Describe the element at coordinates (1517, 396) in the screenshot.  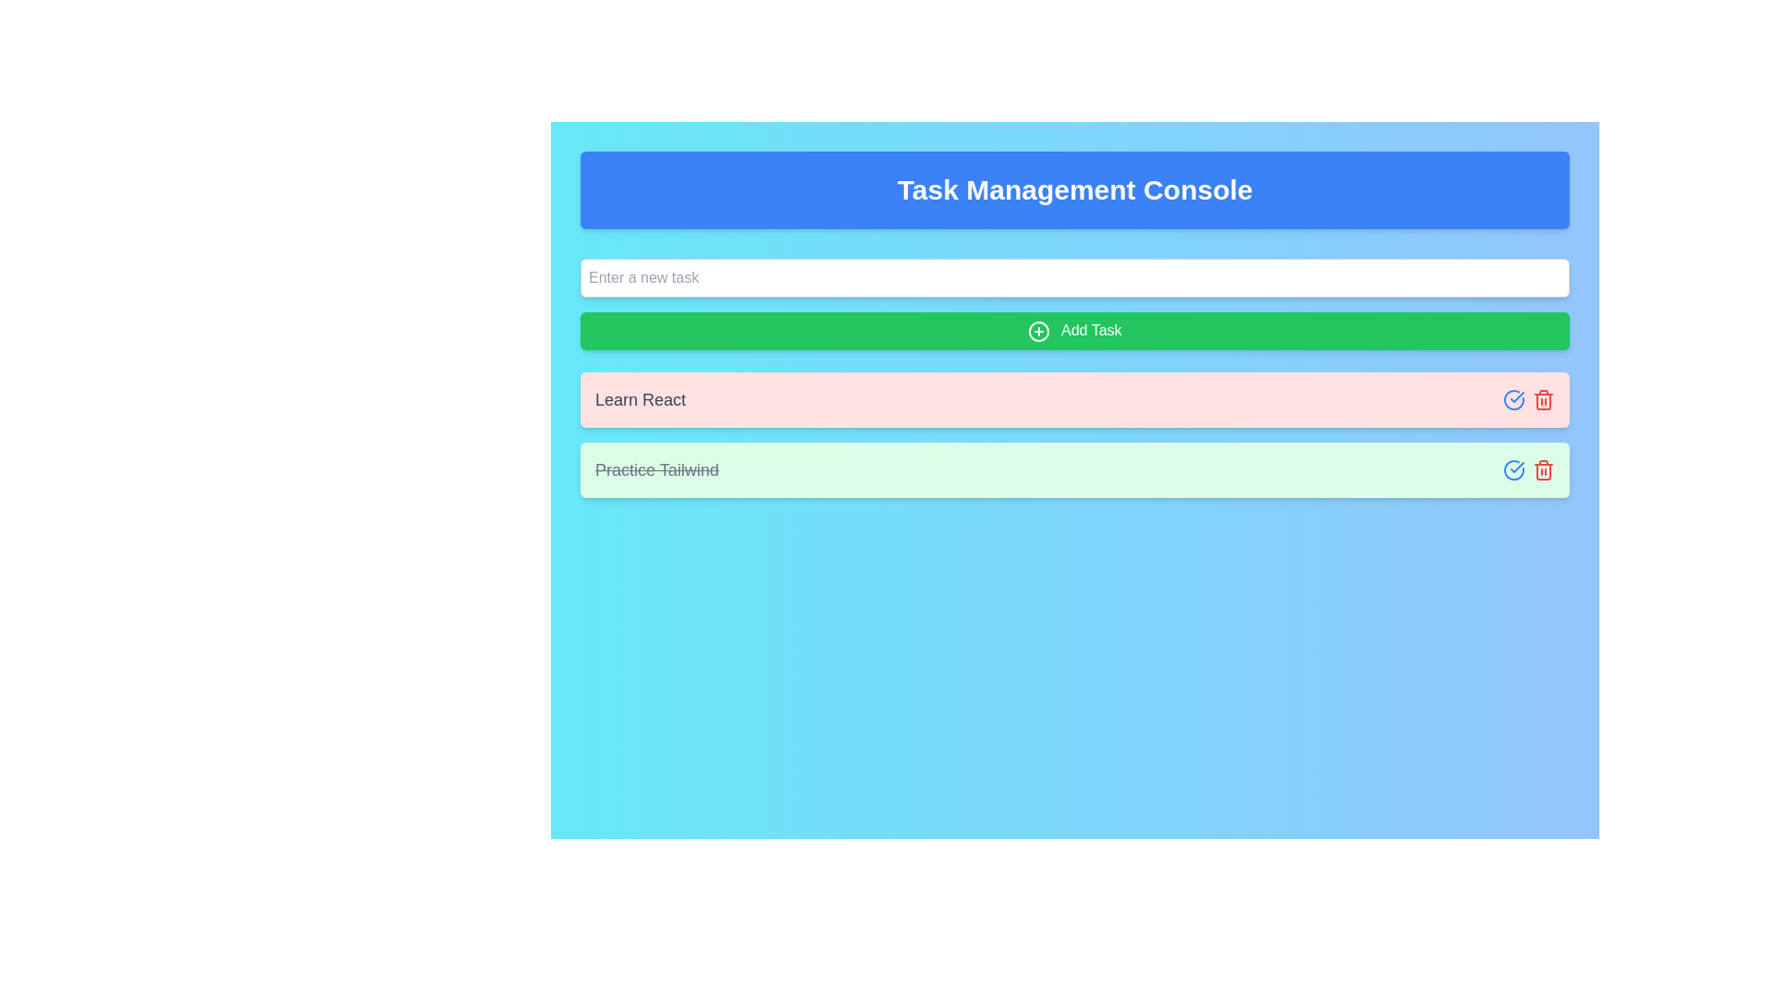
I see `the blue checkmark icon indicating task completion` at that location.